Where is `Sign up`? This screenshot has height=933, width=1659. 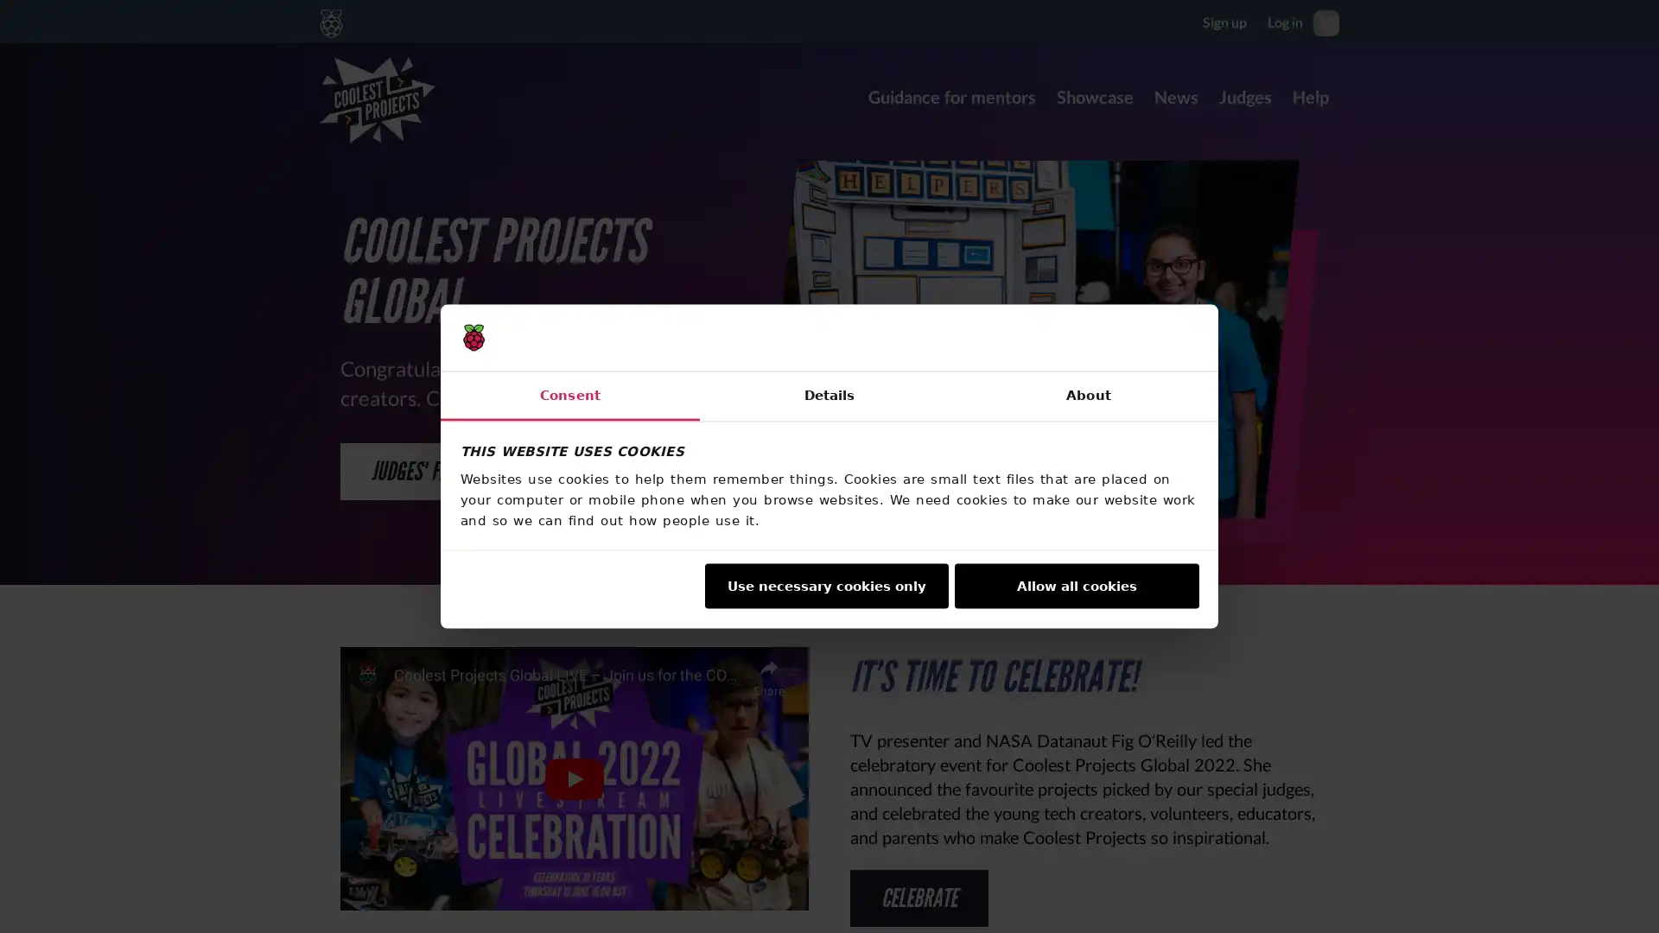 Sign up is located at coordinates (1224, 21).